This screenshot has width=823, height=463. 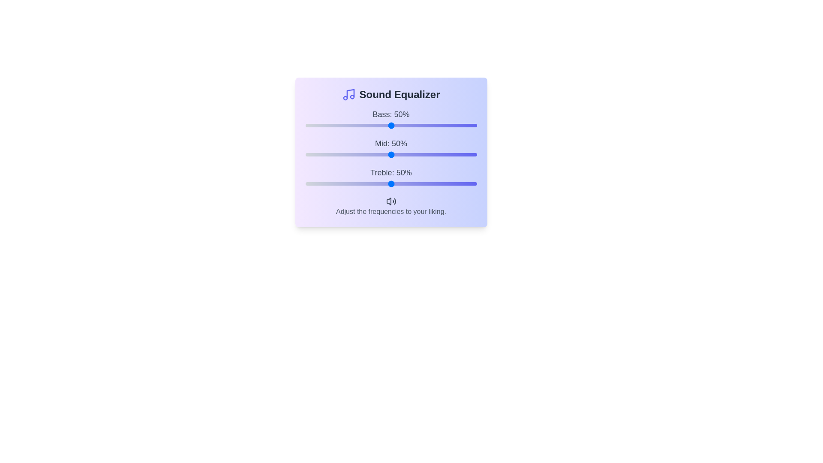 I want to click on the speaker icon in the footer, so click(x=390, y=201).